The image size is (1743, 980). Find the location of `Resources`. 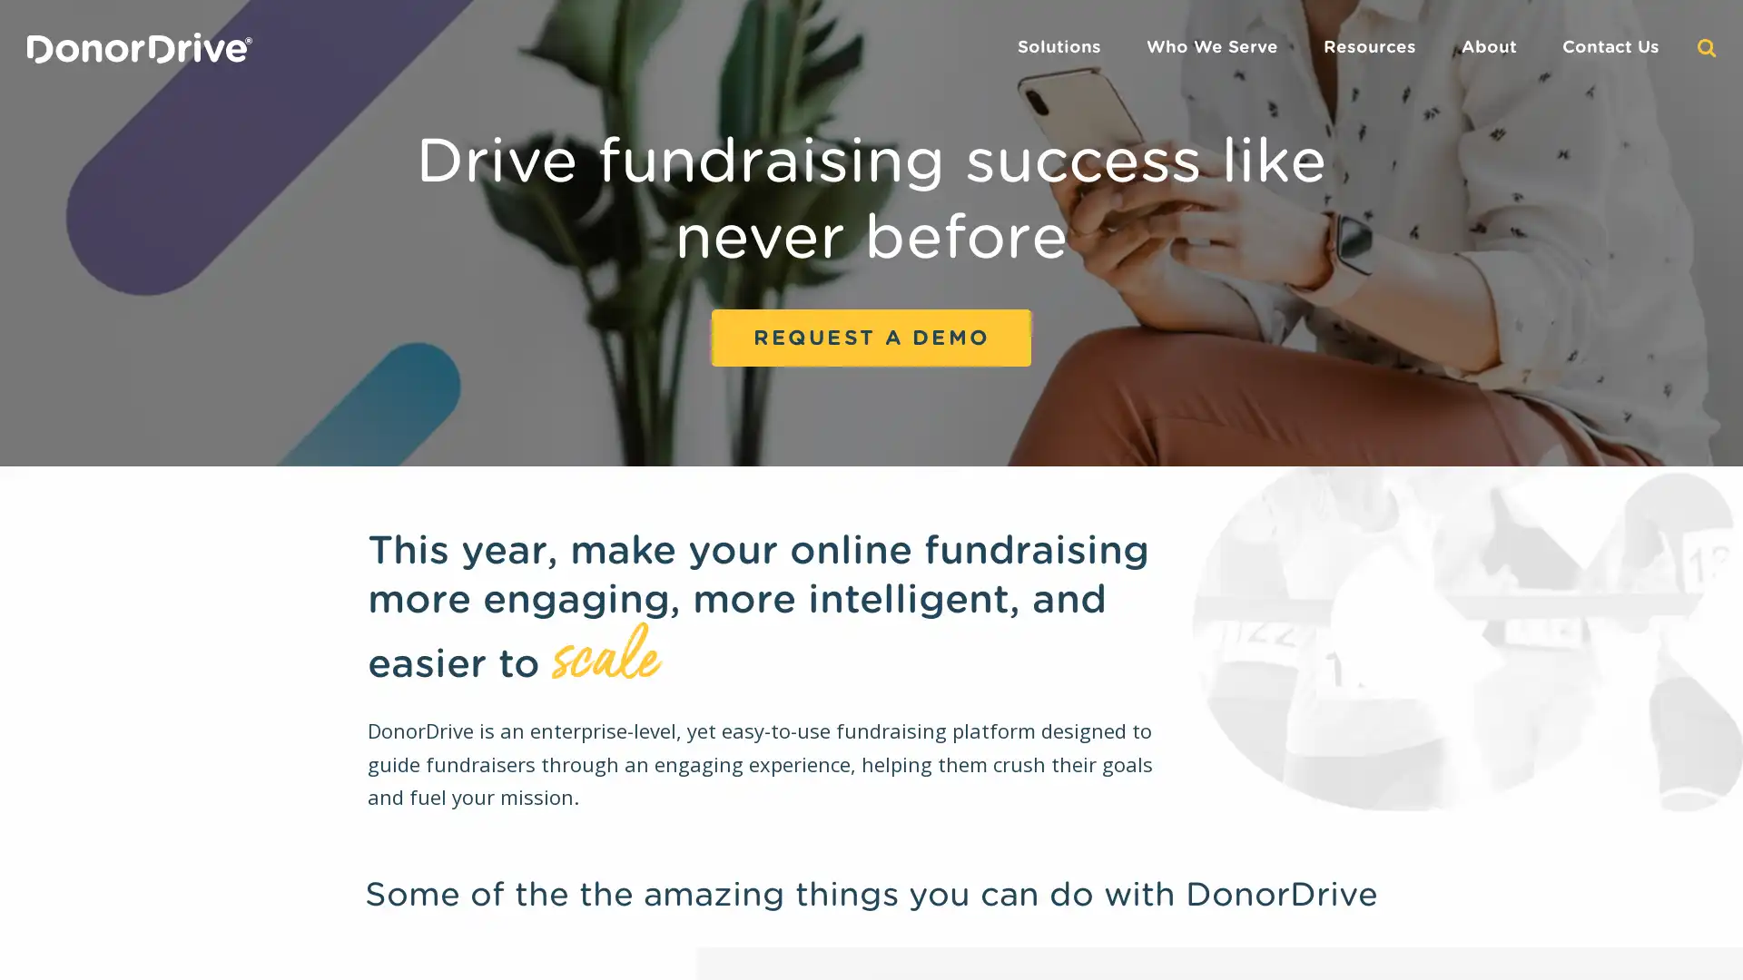

Resources is located at coordinates (1369, 45).